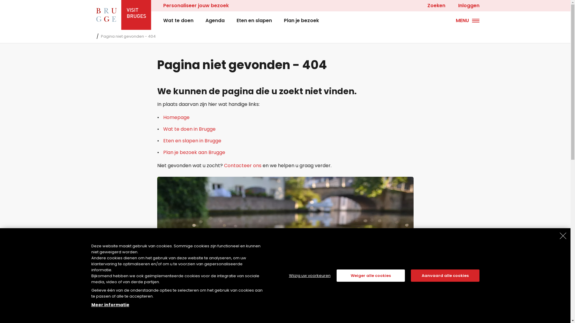 This screenshot has height=323, width=575. I want to click on 'Wat te doen', so click(163, 20).